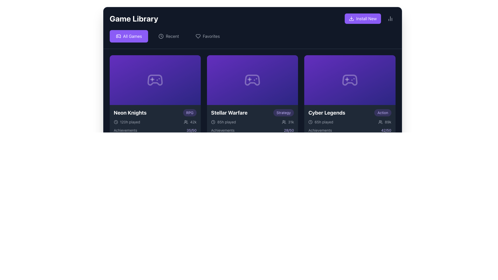 The image size is (498, 280). Describe the element at coordinates (383, 113) in the screenshot. I see `the 'Action' badge, which is a rounded violet badge located in the top-right corner of the 'Cyber Legends' item card` at that location.